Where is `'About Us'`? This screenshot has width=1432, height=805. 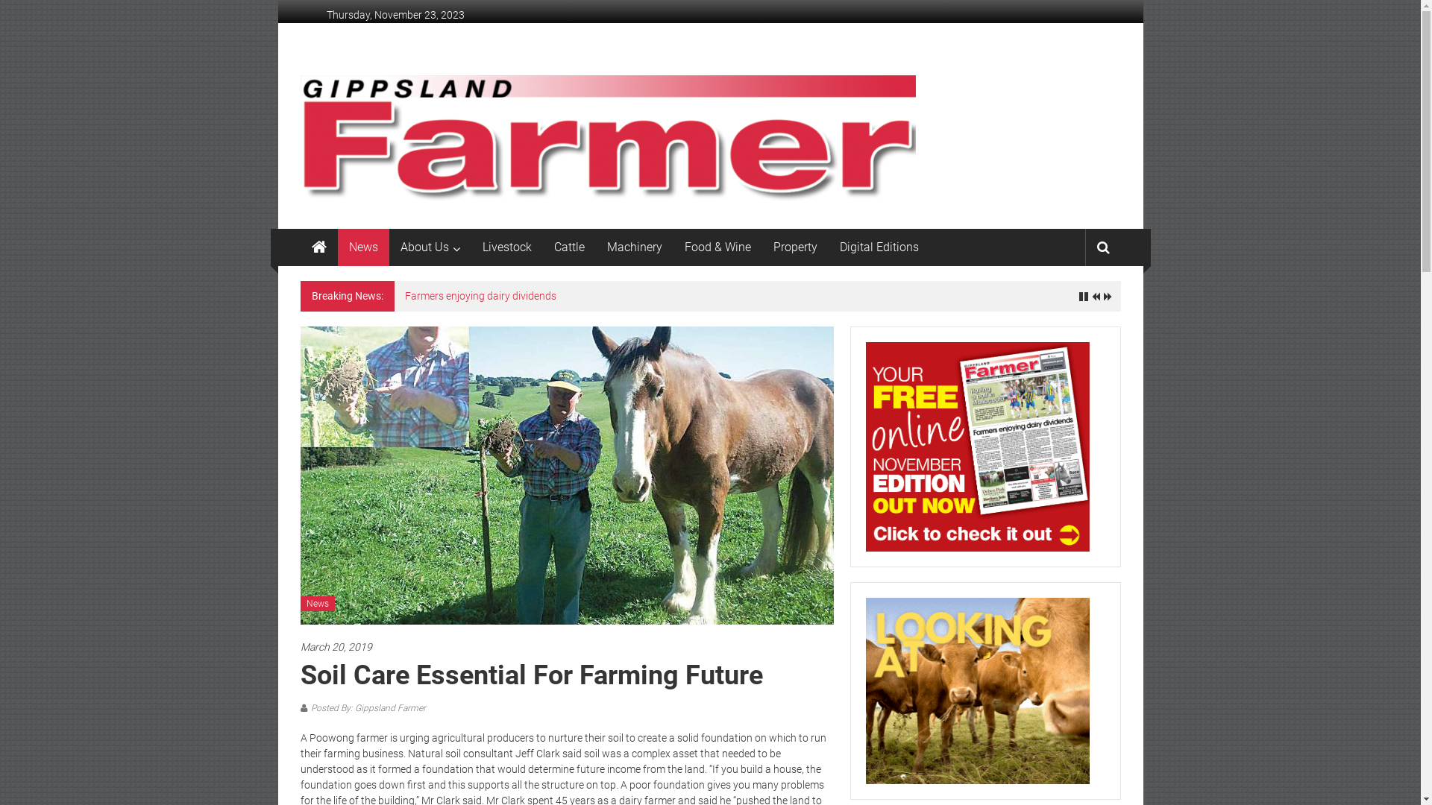
'About Us' is located at coordinates (400, 246).